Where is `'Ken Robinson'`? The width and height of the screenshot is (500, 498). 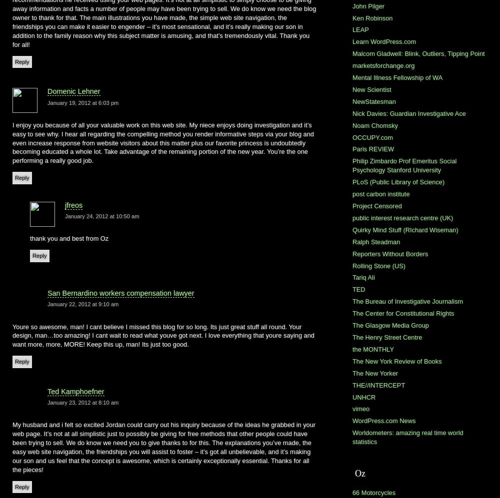 'Ken Robinson' is located at coordinates (372, 17).